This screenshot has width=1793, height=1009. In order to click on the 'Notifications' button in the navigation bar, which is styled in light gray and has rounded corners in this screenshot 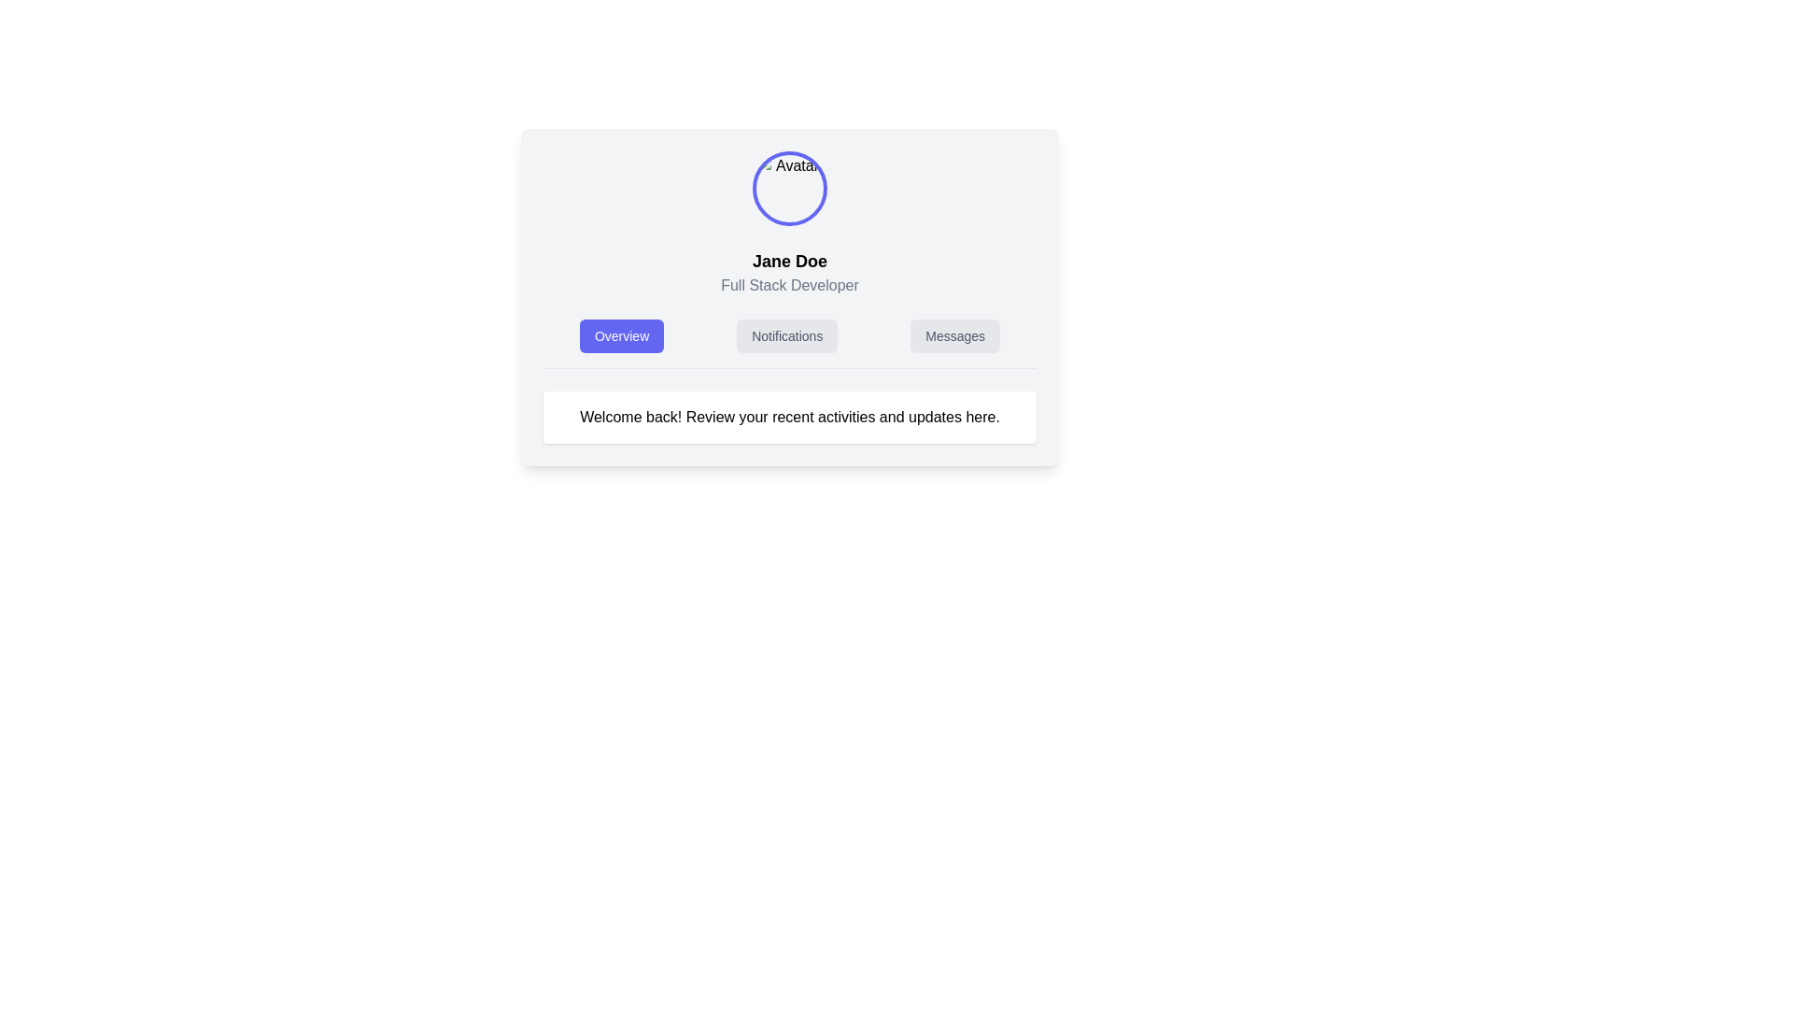, I will do `click(789, 343)`.